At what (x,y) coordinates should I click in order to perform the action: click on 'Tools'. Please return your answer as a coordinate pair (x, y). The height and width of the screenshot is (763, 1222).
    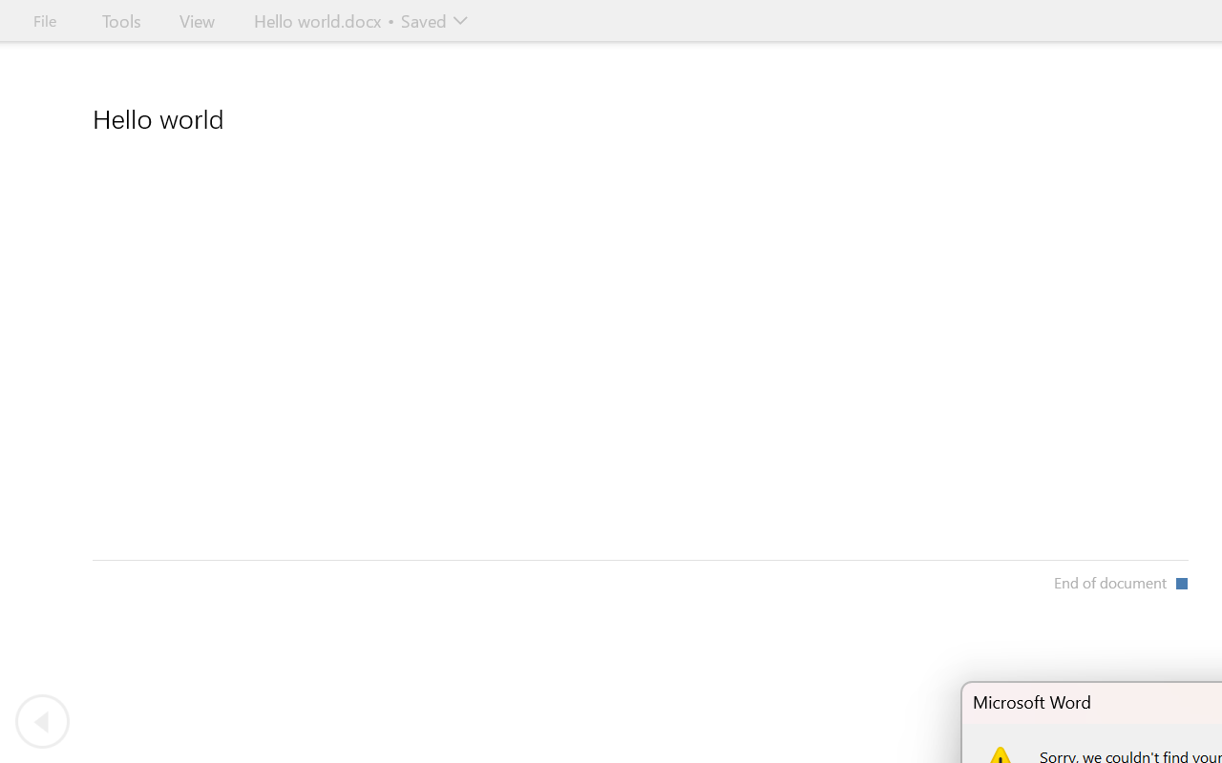
    Looking at the image, I should click on (120, 20).